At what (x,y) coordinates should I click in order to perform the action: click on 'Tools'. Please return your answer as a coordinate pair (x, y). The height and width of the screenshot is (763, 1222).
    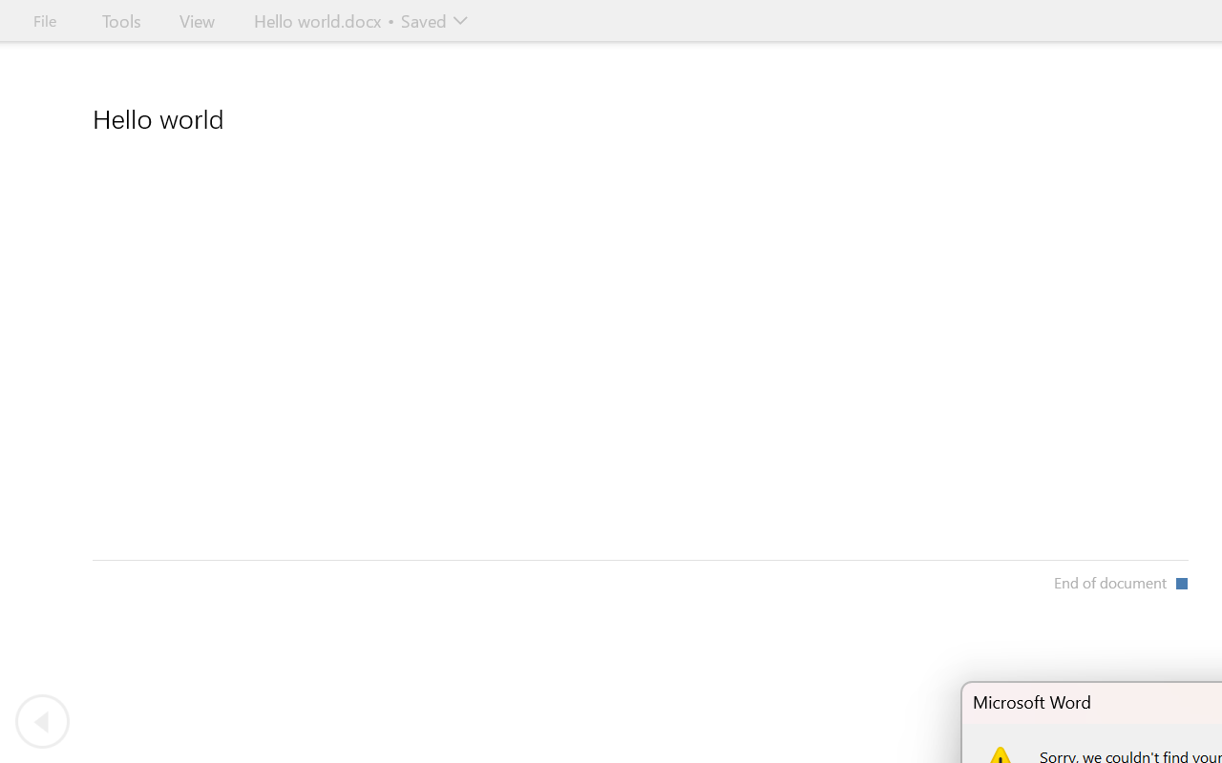
    Looking at the image, I should click on (120, 20).